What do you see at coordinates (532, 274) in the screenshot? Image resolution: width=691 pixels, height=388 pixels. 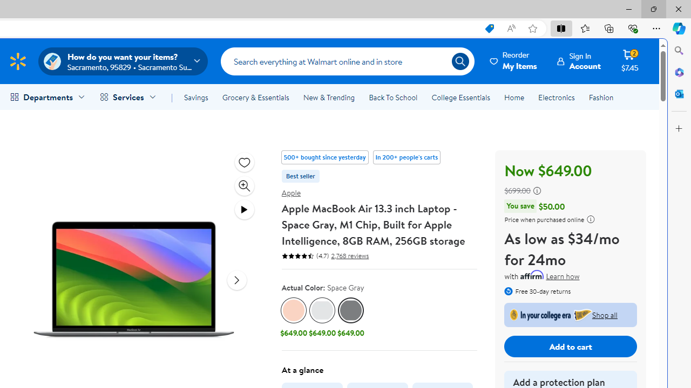 I see `'Affirm'` at bounding box center [532, 274].